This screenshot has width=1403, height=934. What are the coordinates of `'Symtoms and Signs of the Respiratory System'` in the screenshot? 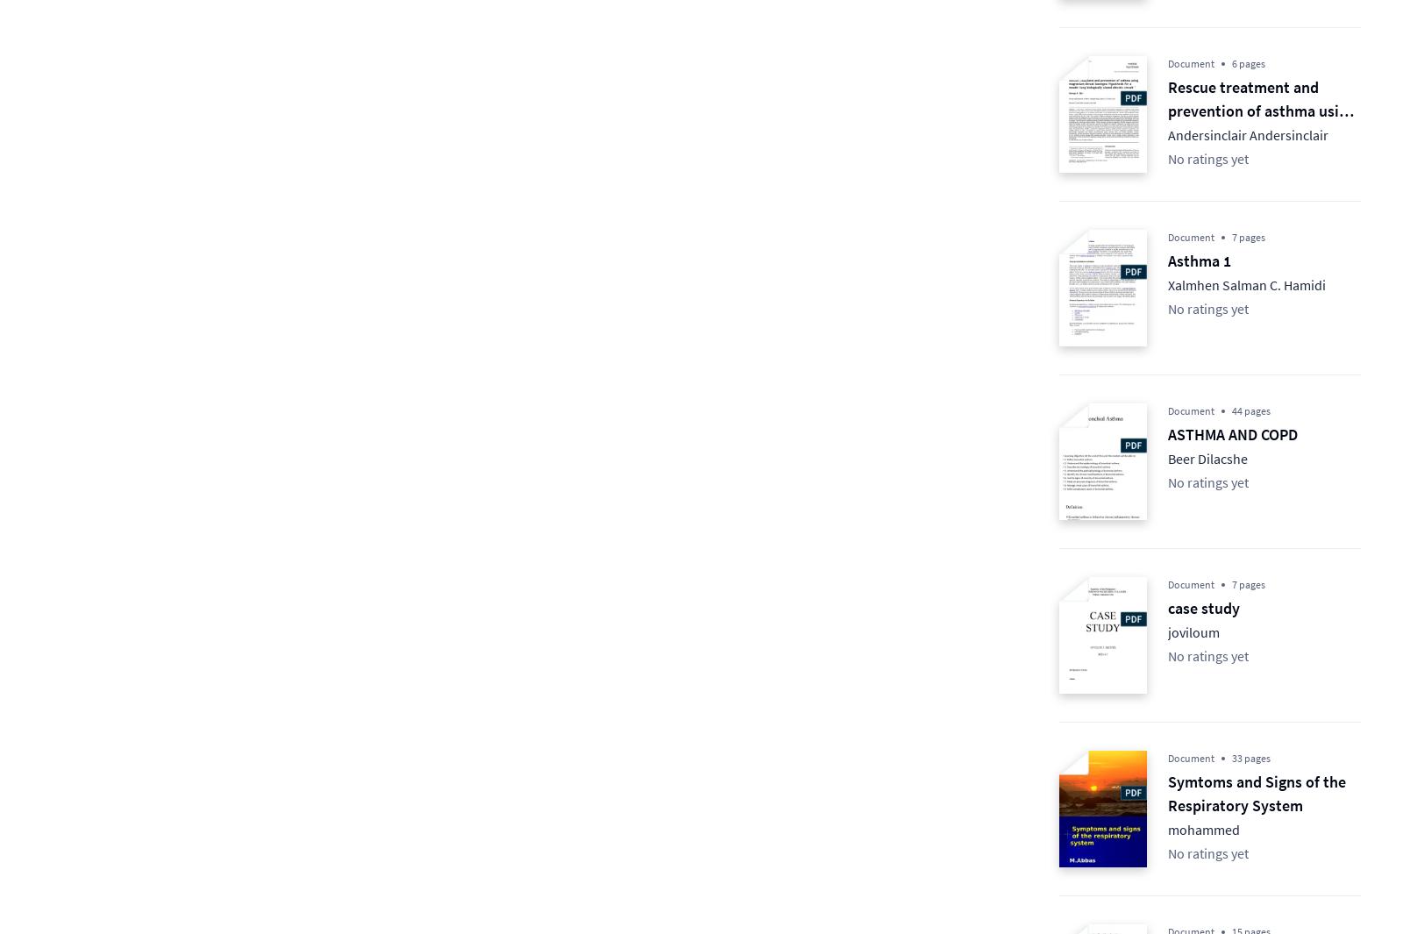 It's located at (1257, 794).